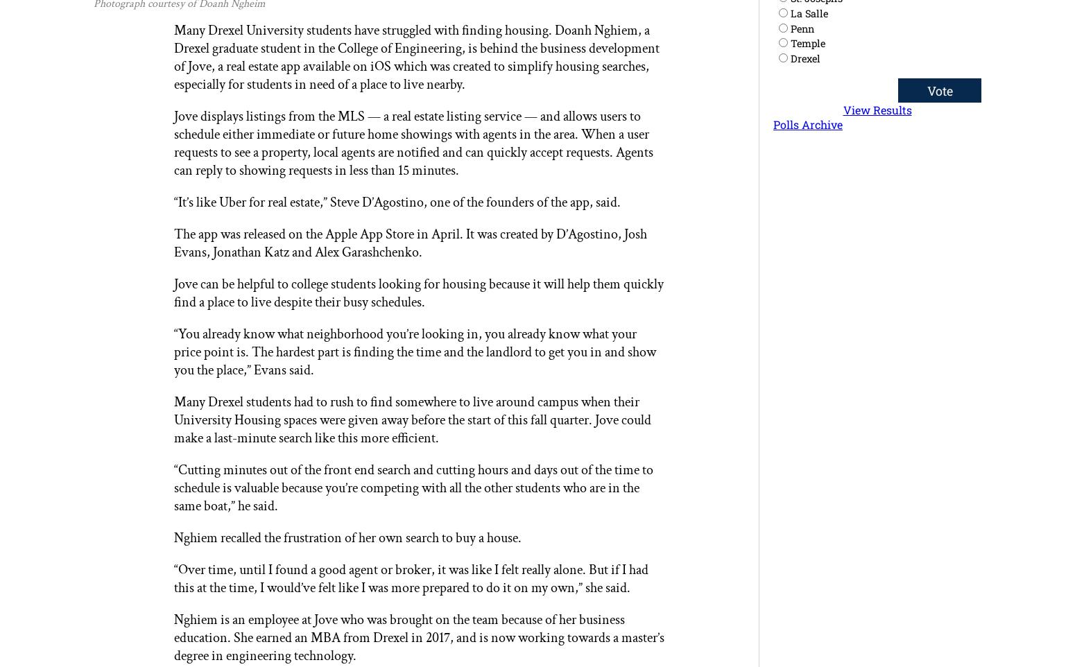 This screenshot has width=1075, height=667. What do you see at coordinates (416, 58) in the screenshot?
I see `'Many Drexel University students have struggled with finding housing. Doanh Nghiem, a Drexel graduate student in the College of Engineering, is behind the business development of Jove, a real estate app available on iOS which was created to simplify housing searches, especially for students in need of a place to live nearby.'` at bounding box center [416, 58].